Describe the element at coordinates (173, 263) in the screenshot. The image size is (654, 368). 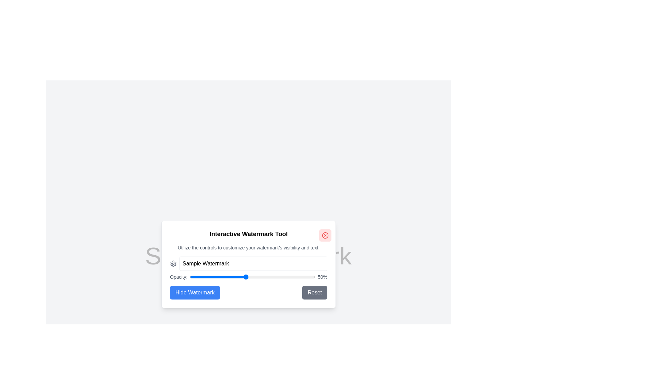
I see `the icon located in the header section of the 'Interactive Watermark Tool' dialog, which is positioned on the left side of the watermark text input field` at that location.